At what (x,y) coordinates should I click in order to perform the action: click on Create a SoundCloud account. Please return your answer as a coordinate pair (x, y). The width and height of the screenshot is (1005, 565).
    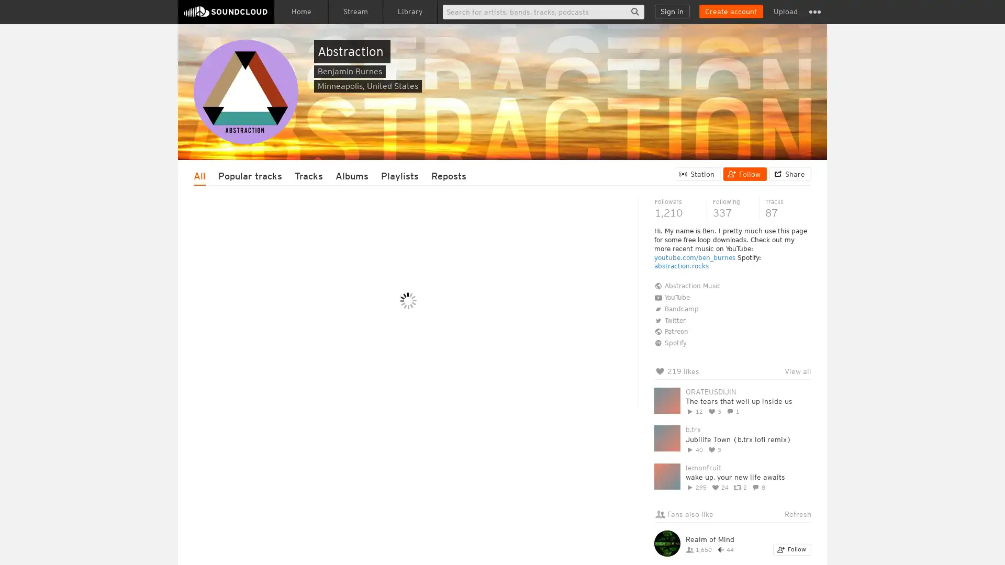
    Looking at the image, I should click on (730, 12).